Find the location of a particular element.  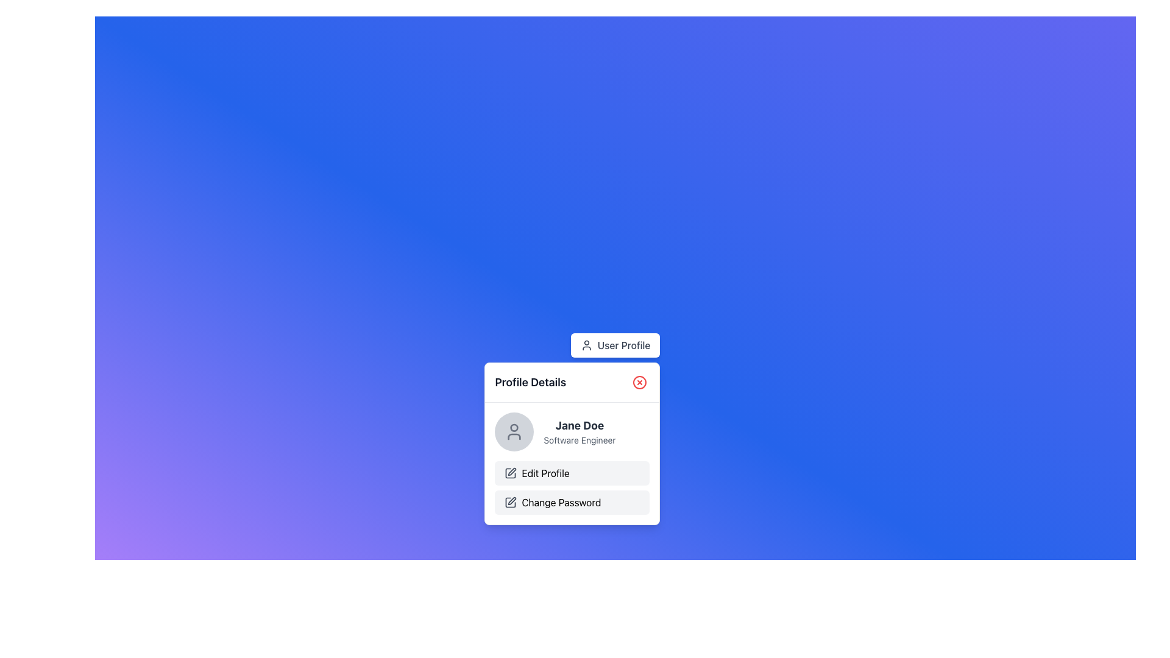

the circular avatar placeholder with a user icon, which features a grey background and is located in the 'Profile Details' card next to the user's name and title is located at coordinates (514, 431).